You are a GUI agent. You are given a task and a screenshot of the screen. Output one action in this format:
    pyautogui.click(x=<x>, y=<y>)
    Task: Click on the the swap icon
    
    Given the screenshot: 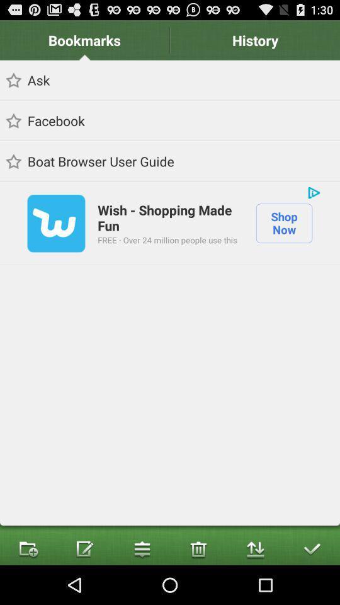 What is the action you would take?
    pyautogui.click(x=255, y=587)
    